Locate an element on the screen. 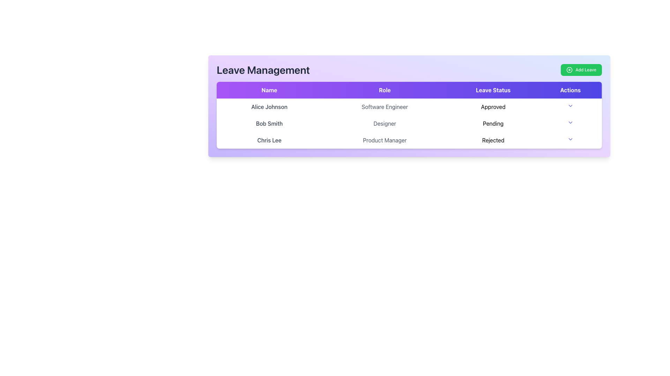 The height and width of the screenshot is (376, 670). the Dropdown toggle for the 'Approved' leave request is located at coordinates (570, 106).